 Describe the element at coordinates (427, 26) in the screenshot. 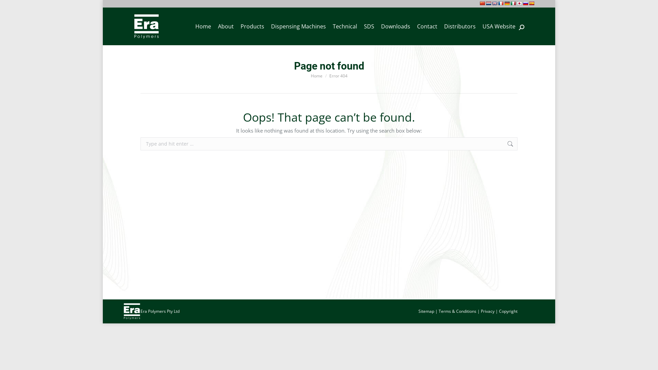

I see `'Contact'` at that location.